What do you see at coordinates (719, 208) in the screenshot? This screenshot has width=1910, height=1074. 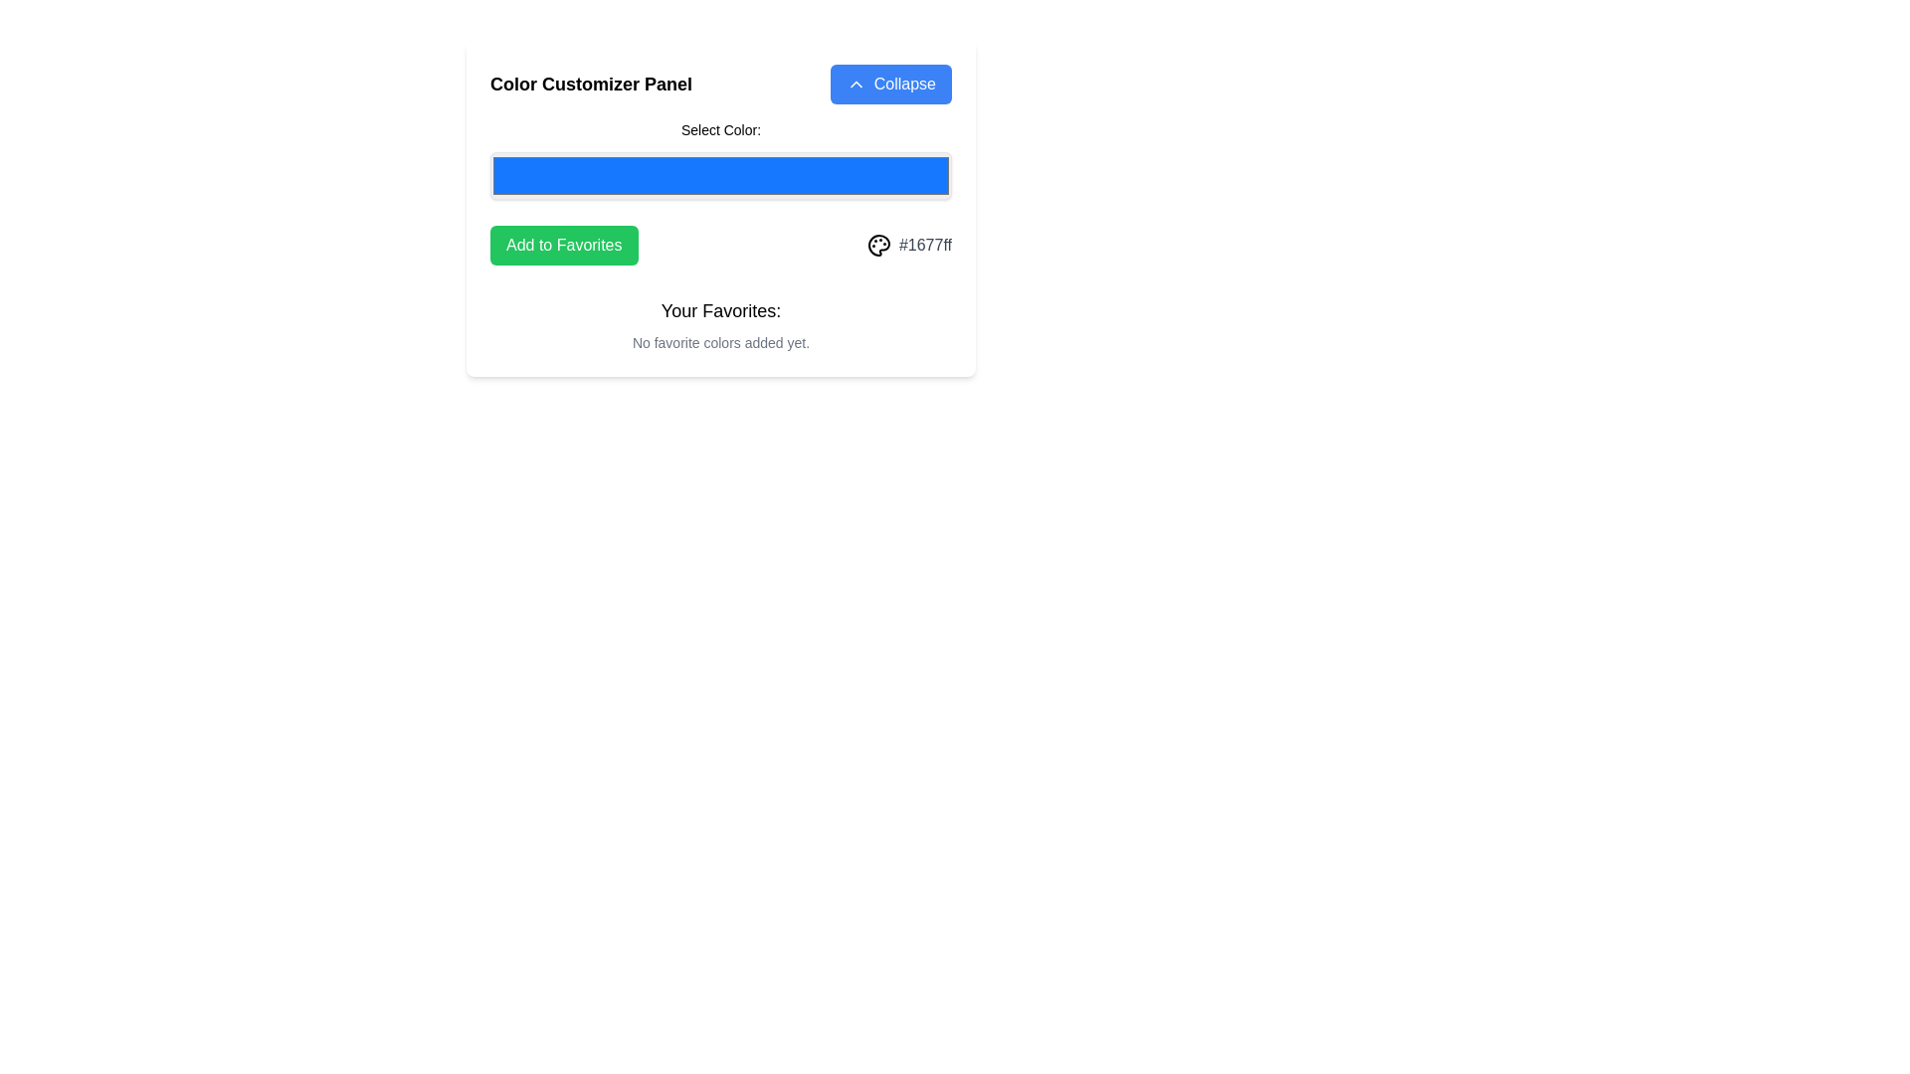 I see `the color input within the 'Color Customizer Panel'` at bounding box center [719, 208].